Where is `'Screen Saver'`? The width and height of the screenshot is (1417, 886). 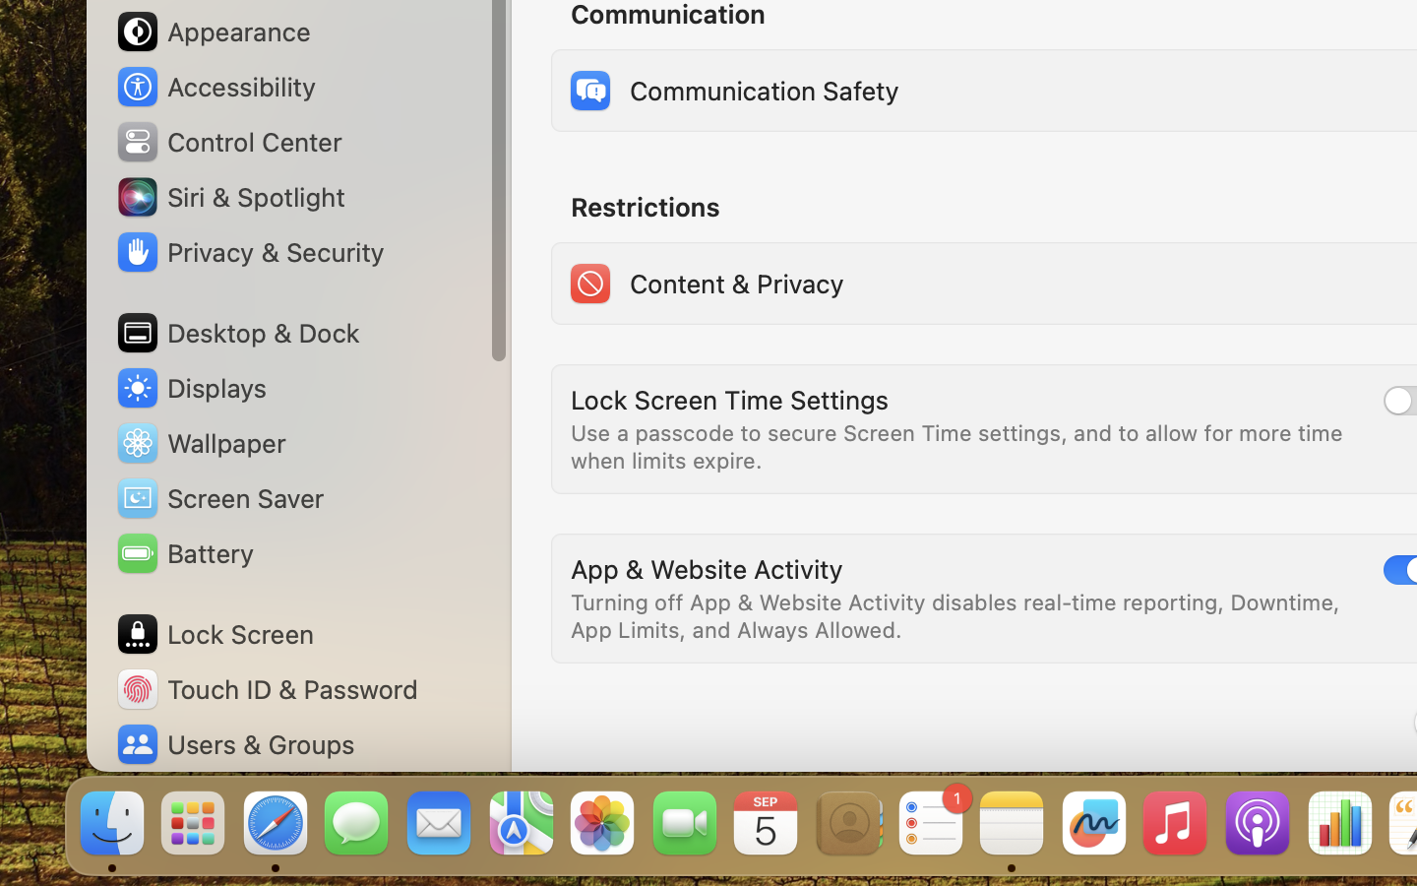
'Screen Saver' is located at coordinates (219, 496).